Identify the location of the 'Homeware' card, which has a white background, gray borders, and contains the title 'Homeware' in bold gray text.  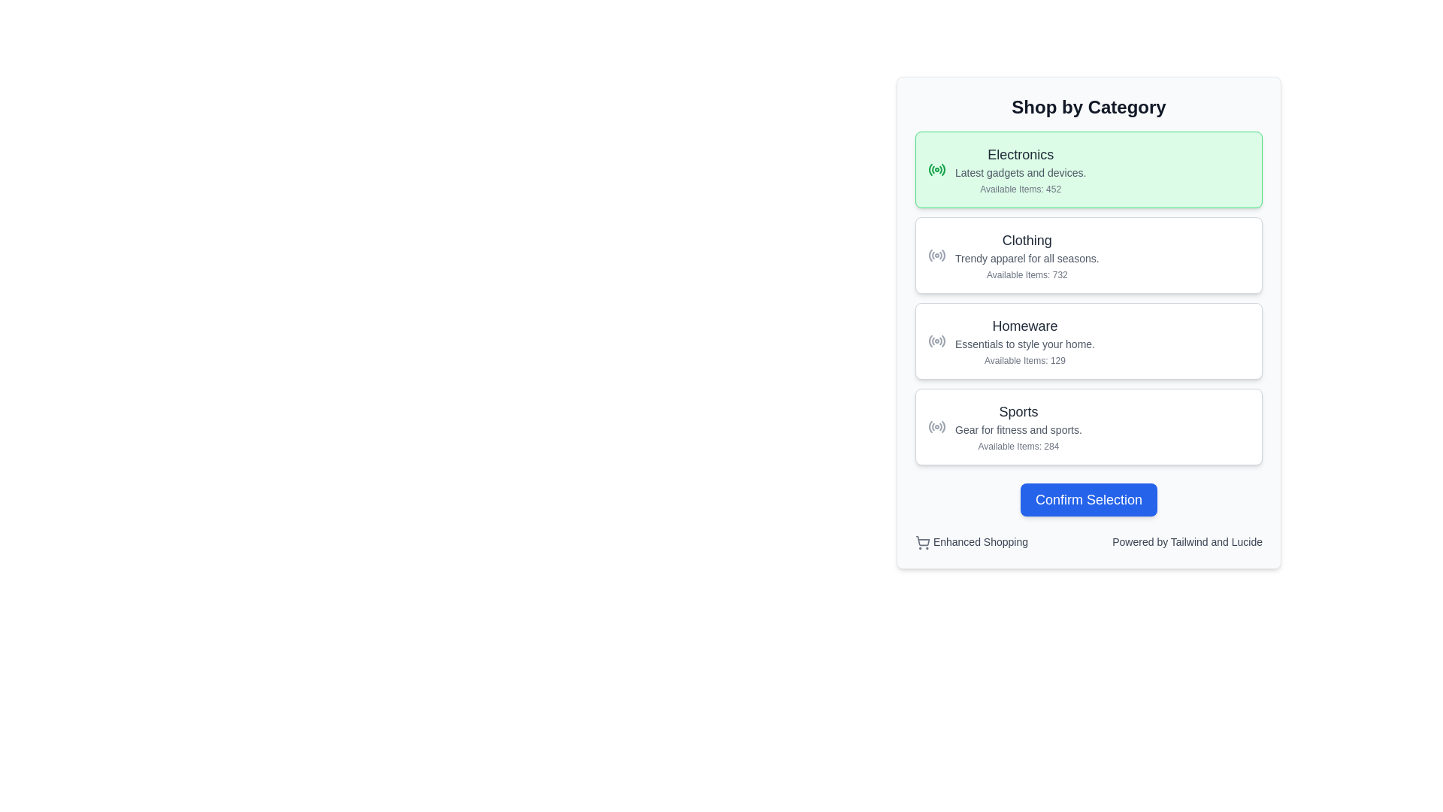
(1089, 341).